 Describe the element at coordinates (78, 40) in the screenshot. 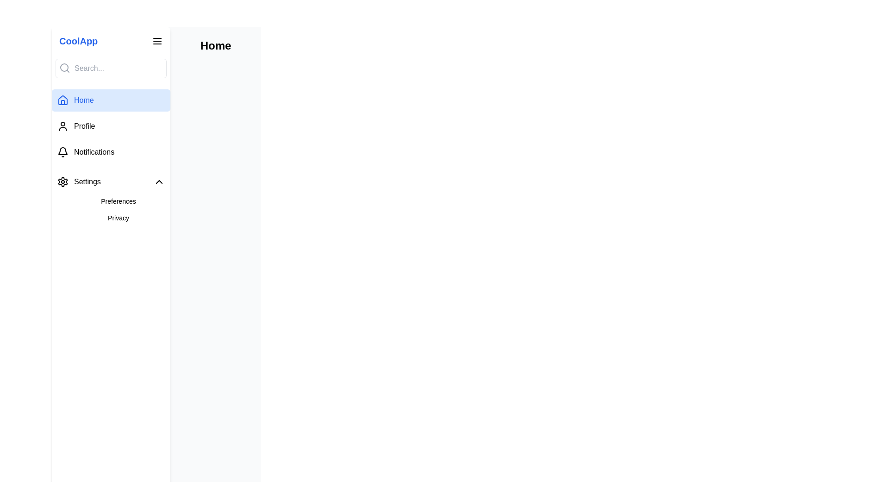

I see `the 'CoolApp' text label, which is styled in bold blue color and serves as a title or branding element, located at the upper-left corner of the interface` at that location.